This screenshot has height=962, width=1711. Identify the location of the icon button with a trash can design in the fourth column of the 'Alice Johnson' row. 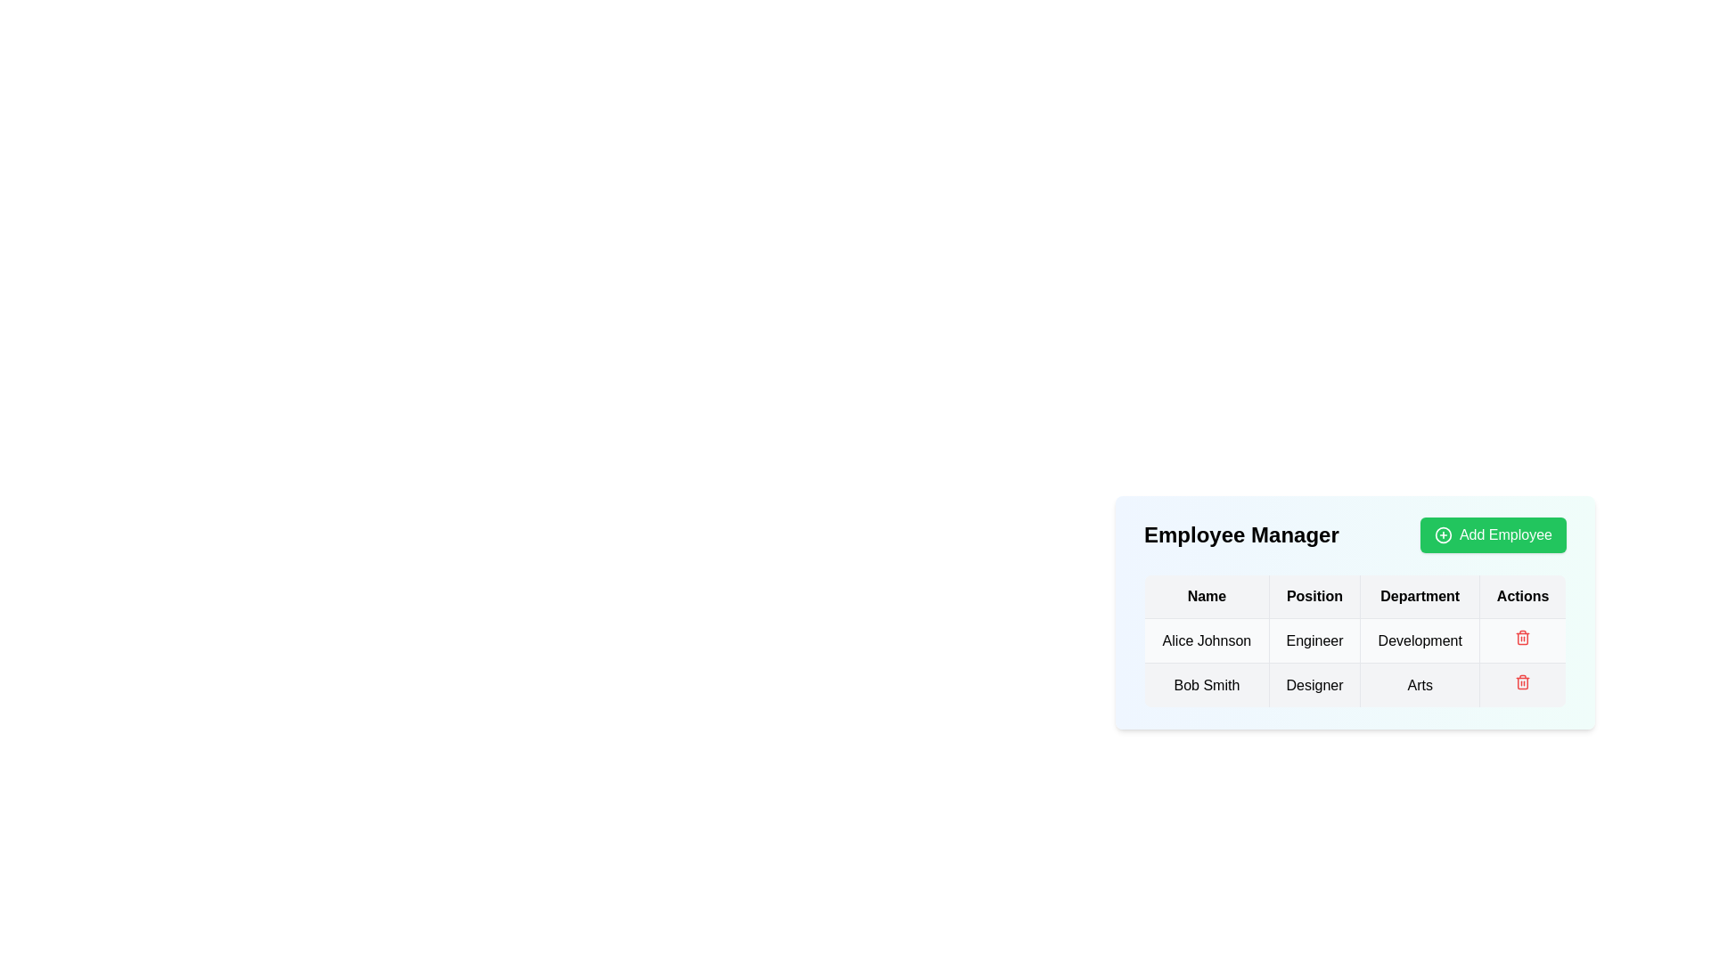
(1522, 640).